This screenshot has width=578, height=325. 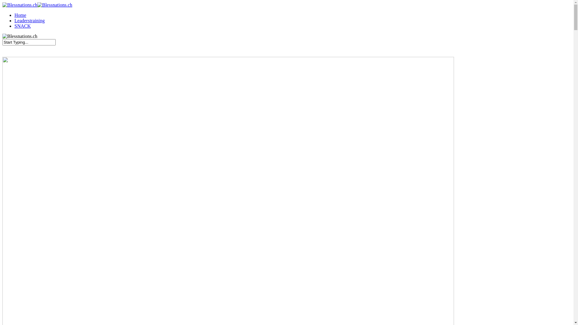 What do you see at coordinates (2, 2) in the screenshot?
I see `'Skip to main content'` at bounding box center [2, 2].